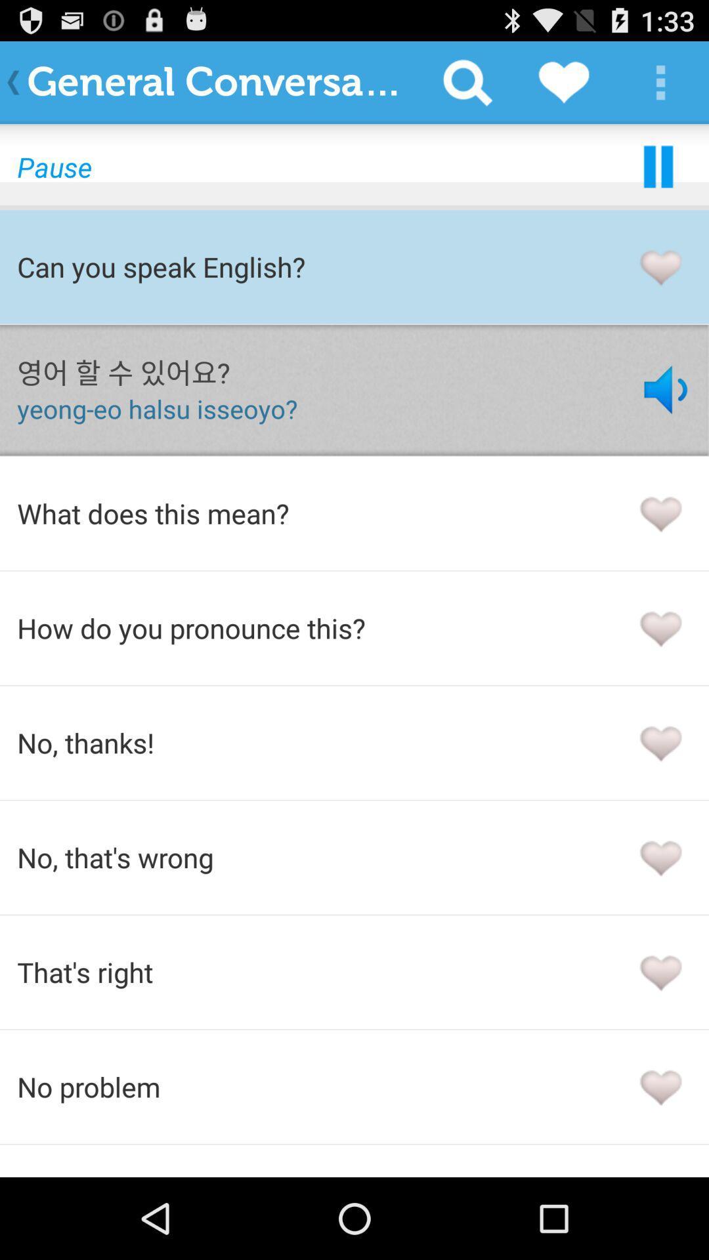  What do you see at coordinates (658, 178) in the screenshot?
I see `the pause icon` at bounding box center [658, 178].